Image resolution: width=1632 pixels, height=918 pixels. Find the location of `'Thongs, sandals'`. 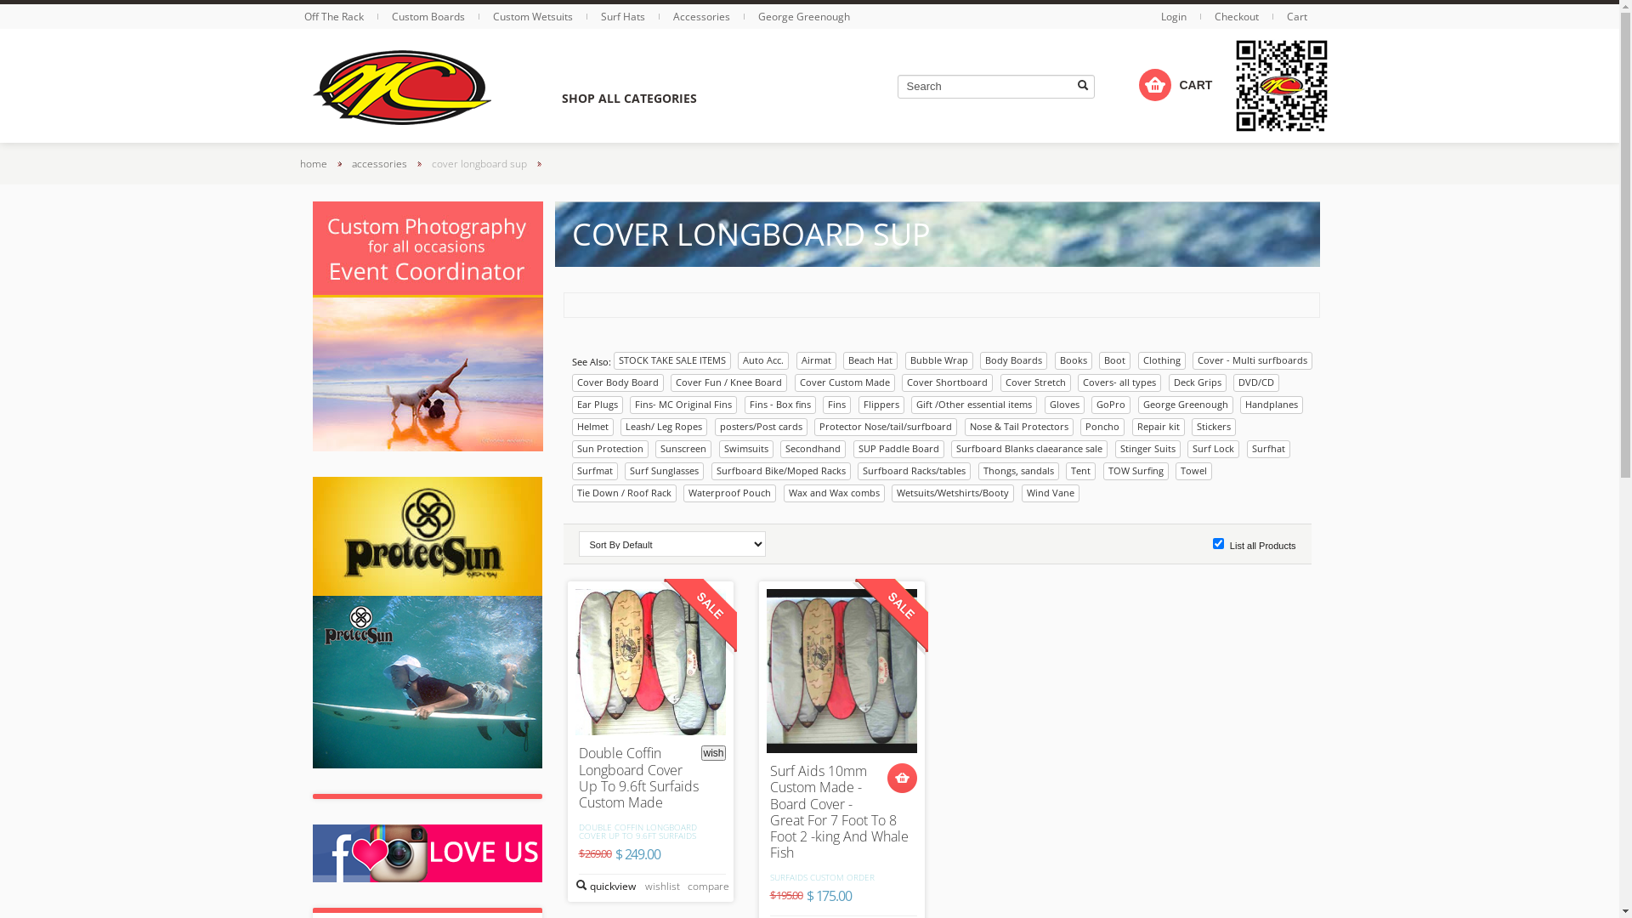

'Thongs, sandals' is located at coordinates (1017, 471).